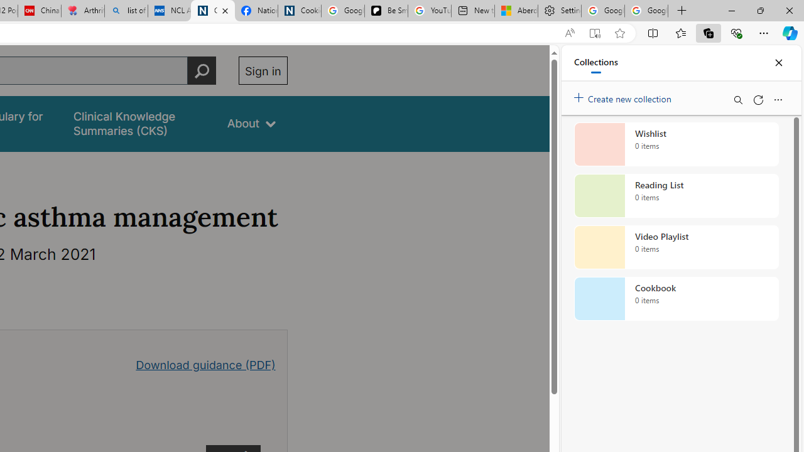 The height and width of the screenshot is (452, 804). I want to click on 'Reading List collection, 0 items', so click(676, 196).